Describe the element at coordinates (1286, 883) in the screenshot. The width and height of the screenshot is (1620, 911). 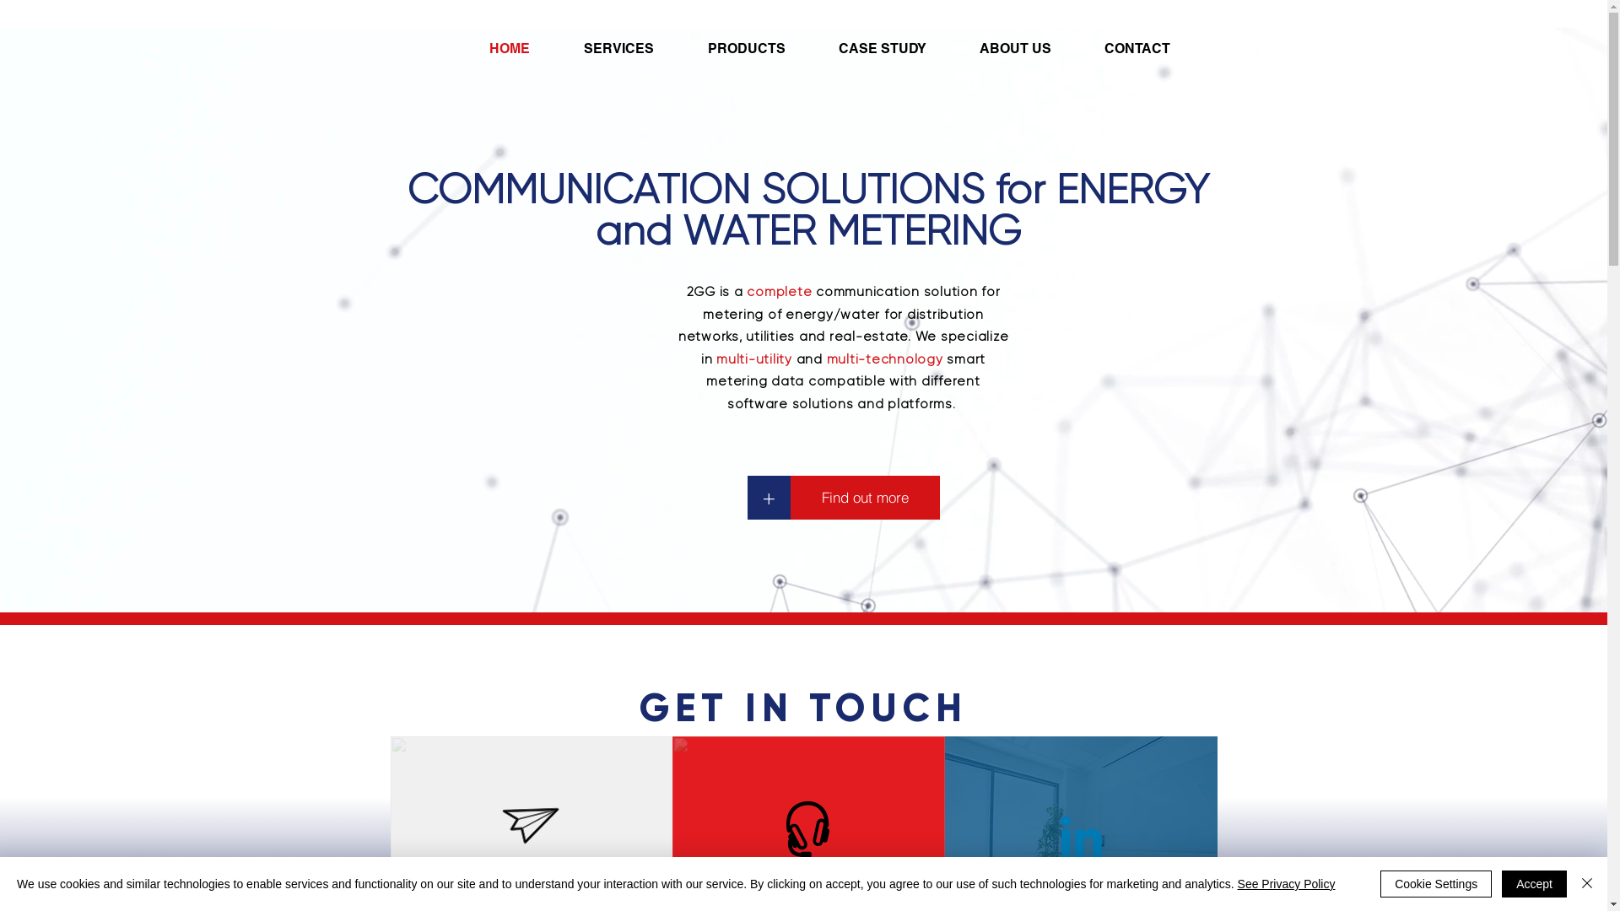
I see `'See Privacy Policy'` at that location.